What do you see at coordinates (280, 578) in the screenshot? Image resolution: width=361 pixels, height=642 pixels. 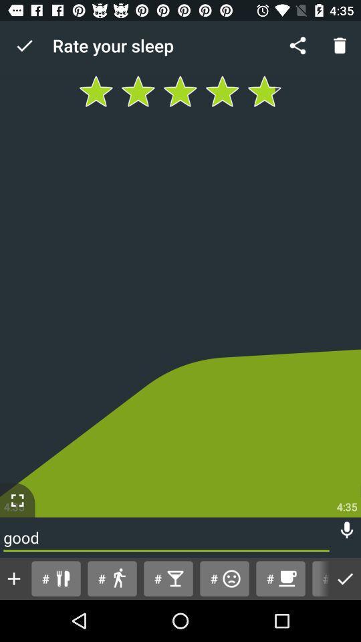 I see `the item next to the # button` at bounding box center [280, 578].